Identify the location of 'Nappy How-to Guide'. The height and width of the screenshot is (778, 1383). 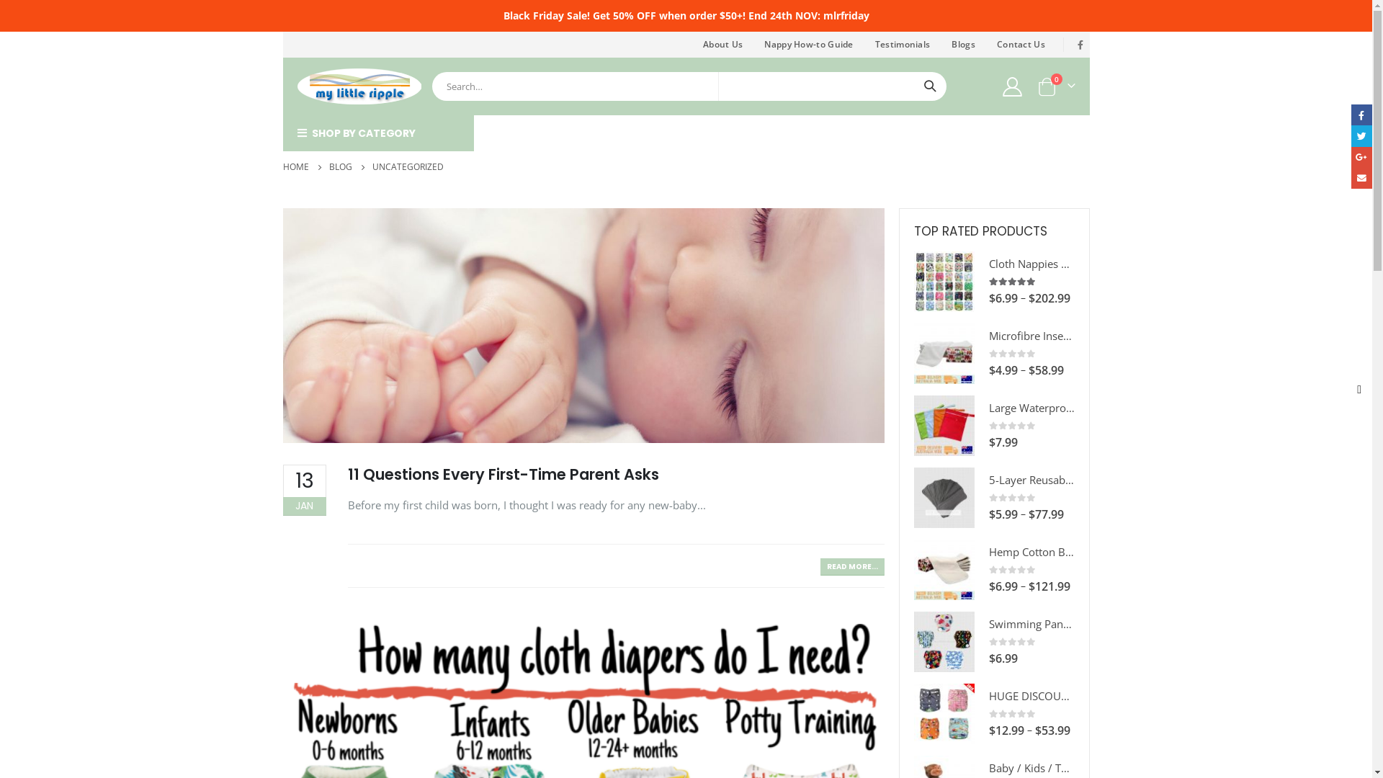
(808, 43).